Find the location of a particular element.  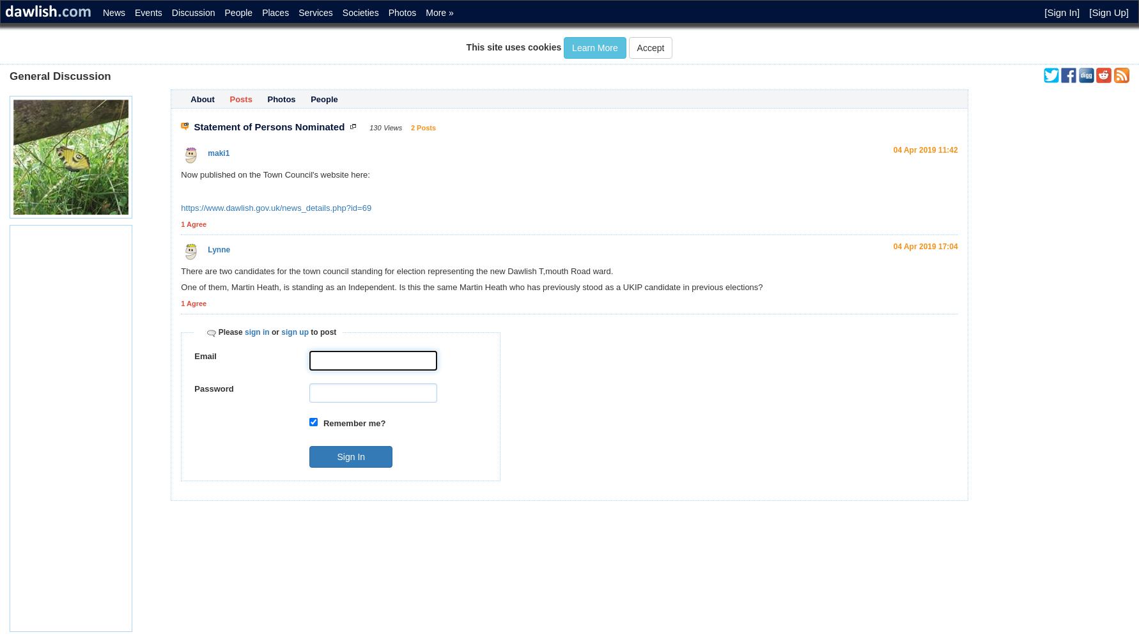

'Learn More' is located at coordinates (594, 47).